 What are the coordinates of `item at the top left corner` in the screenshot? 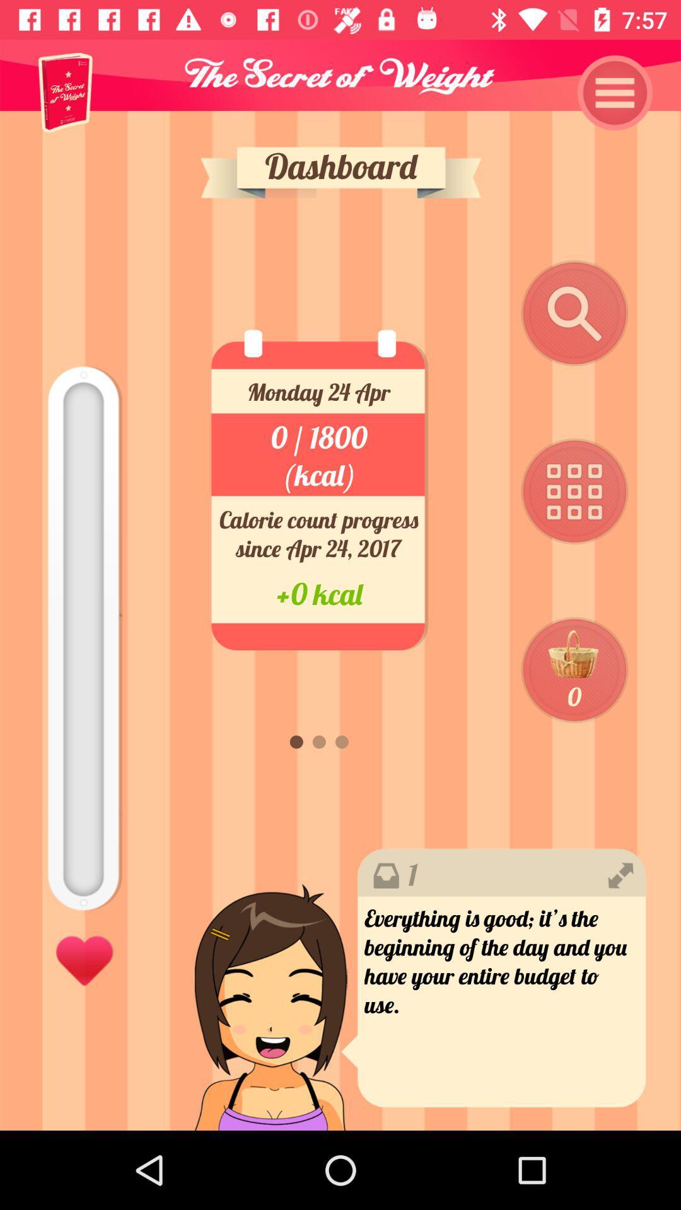 It's located at (66, 92).